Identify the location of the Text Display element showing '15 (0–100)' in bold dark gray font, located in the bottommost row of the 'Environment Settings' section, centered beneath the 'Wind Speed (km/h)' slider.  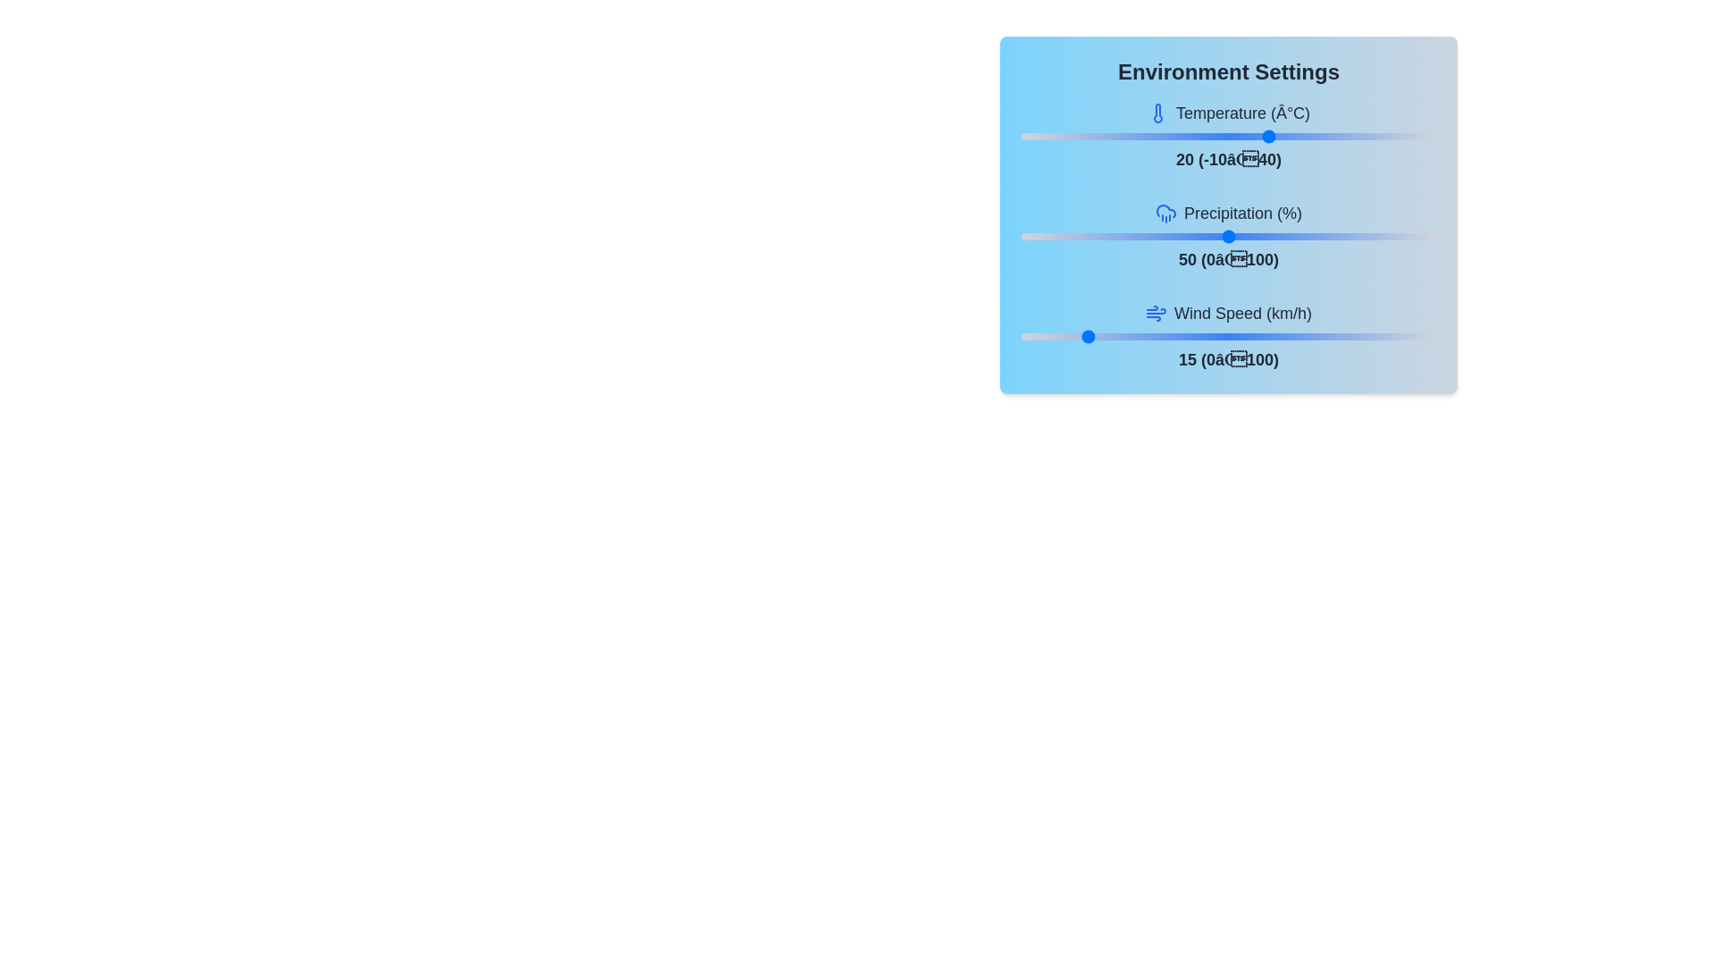
(1227, 359).